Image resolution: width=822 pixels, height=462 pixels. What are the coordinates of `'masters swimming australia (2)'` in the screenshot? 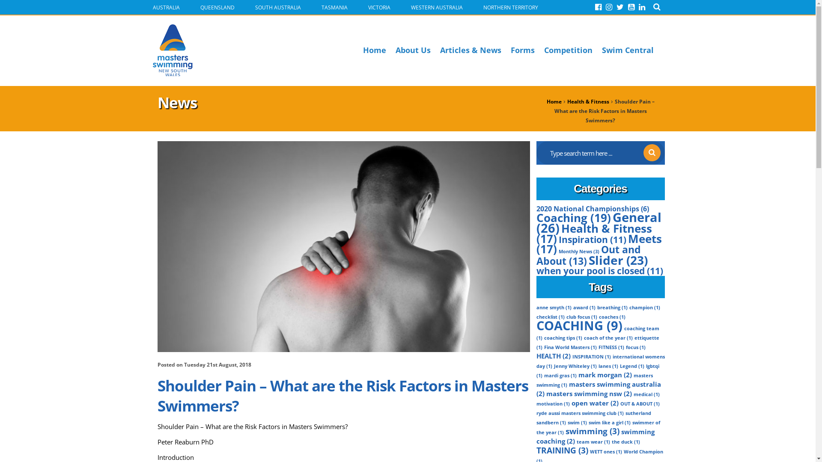 It's located at (598, 389).